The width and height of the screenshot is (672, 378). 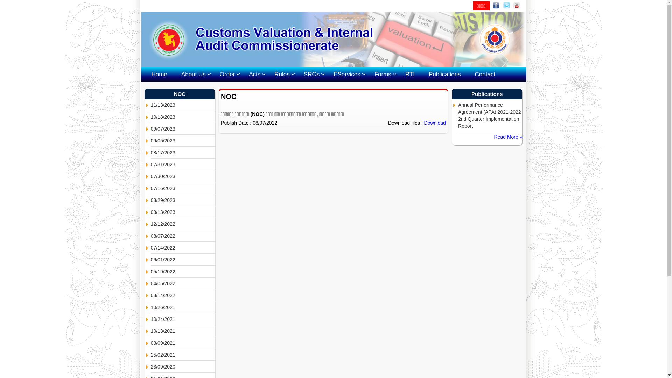 What do you see at coordinates (254, 74) in the screenshot?
I see `'Acts'` at bounding box center [254, 74].